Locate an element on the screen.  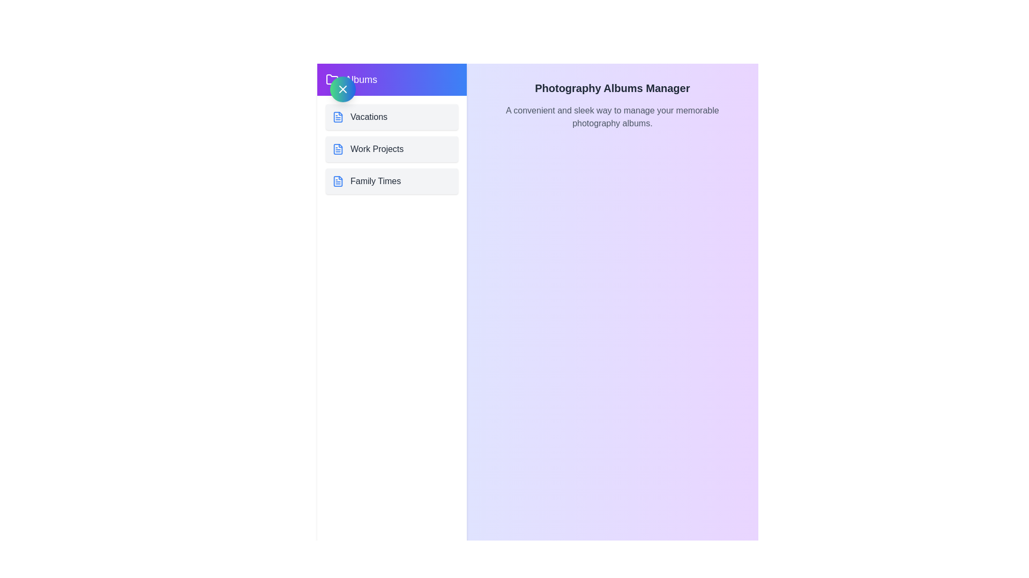
the album Vacations from the list is located at coordinates (391, 117).